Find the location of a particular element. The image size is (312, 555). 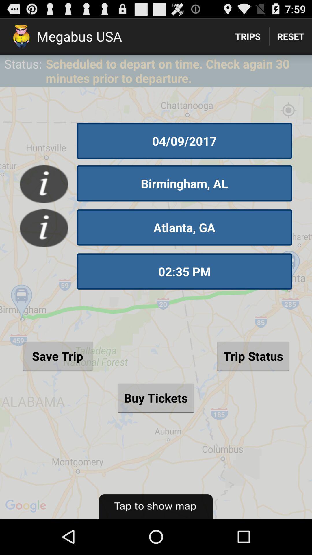

the icon next to the reset icon is located at coordinates (247, 36).